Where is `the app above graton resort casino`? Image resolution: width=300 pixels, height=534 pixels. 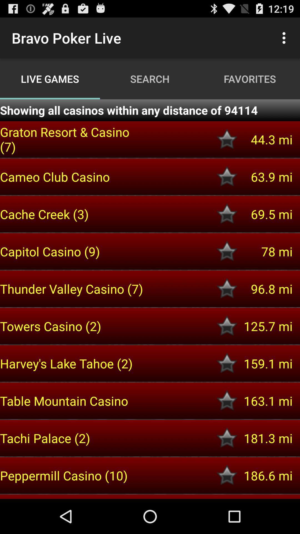
the app above graton resort casino is located at coordinates (150, 110).